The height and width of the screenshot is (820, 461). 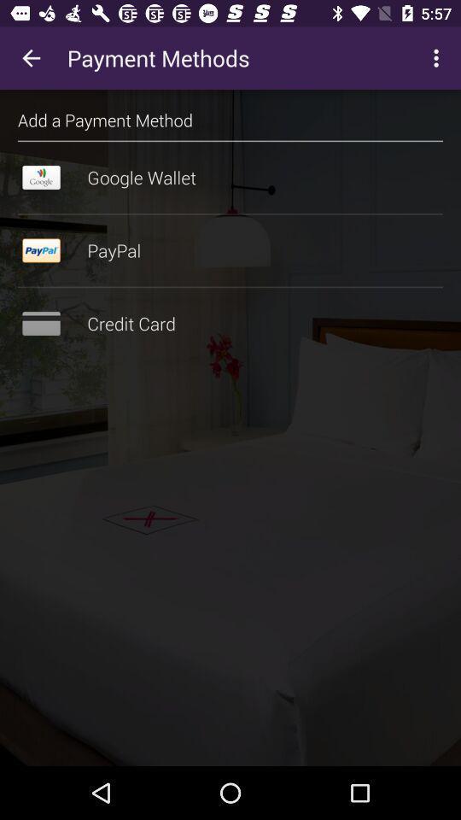 I want to click on icon below google wallet item, so click(x=230, y=213).